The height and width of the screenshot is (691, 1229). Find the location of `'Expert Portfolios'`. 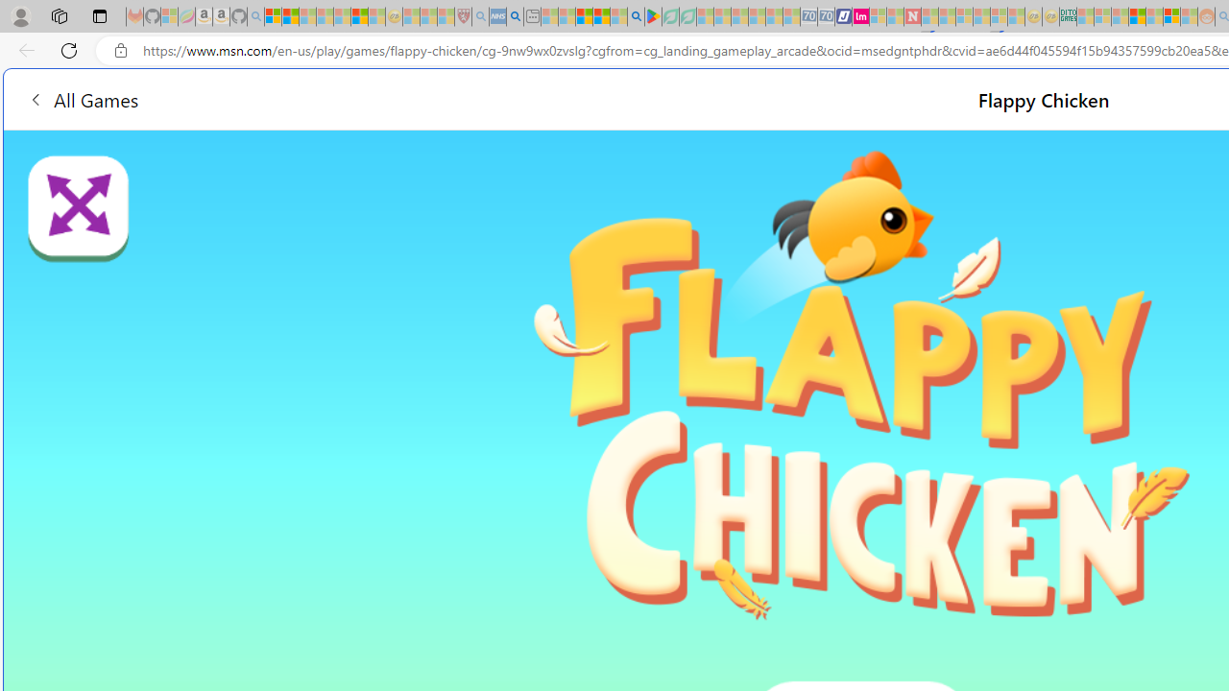

'Expert Portfolios' is located at coordinates (1137, 16).